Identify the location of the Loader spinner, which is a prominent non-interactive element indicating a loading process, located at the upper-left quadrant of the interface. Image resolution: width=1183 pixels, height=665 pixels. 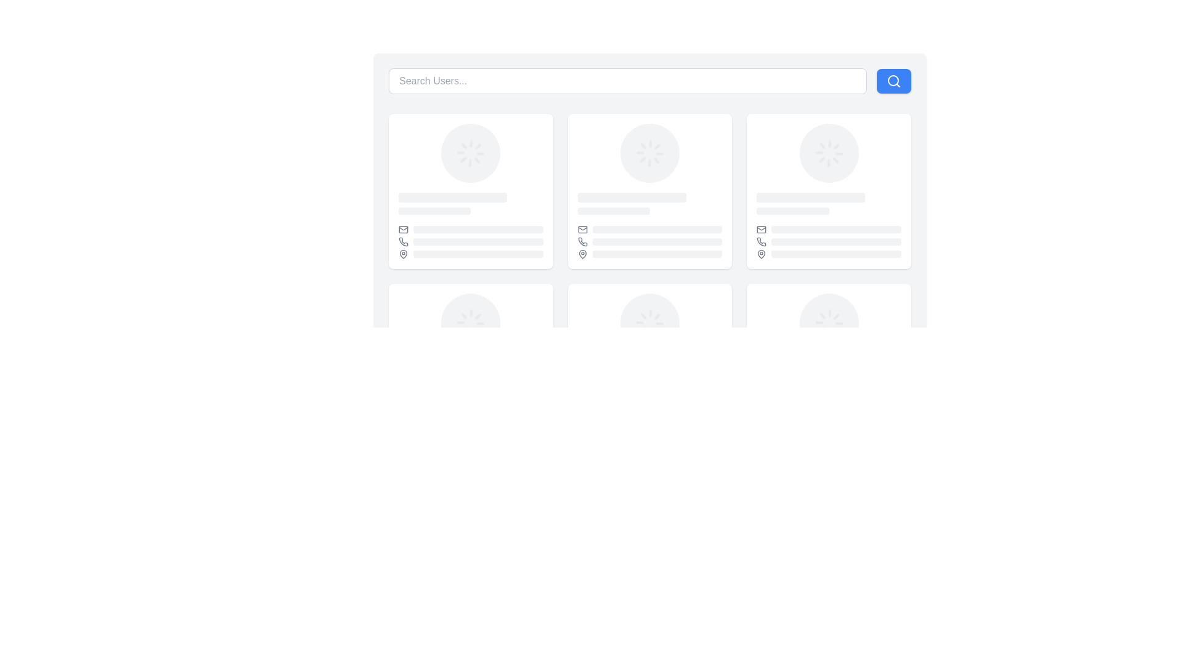
(470, 153).